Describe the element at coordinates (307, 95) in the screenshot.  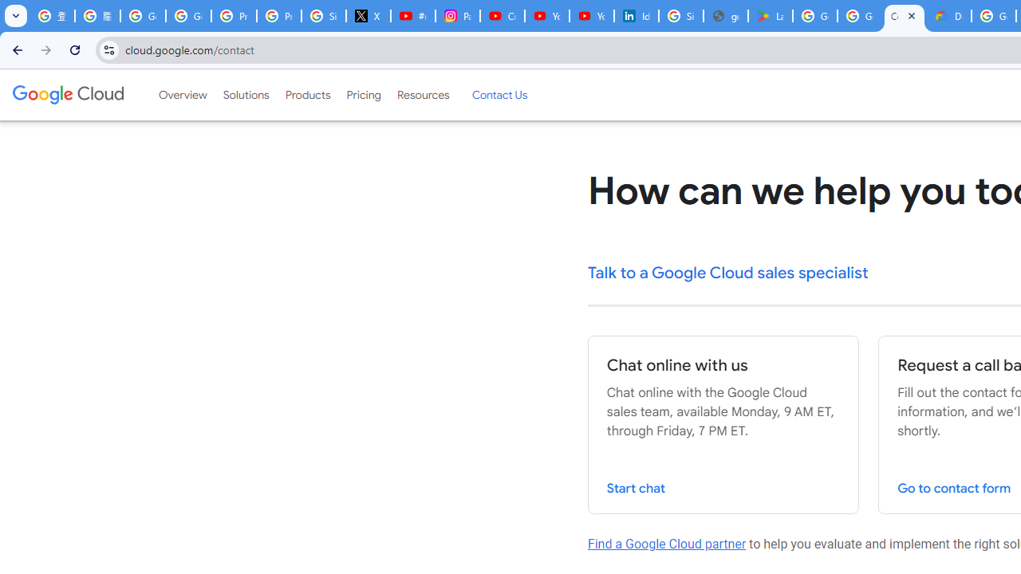
I see `'Products'` at that location.